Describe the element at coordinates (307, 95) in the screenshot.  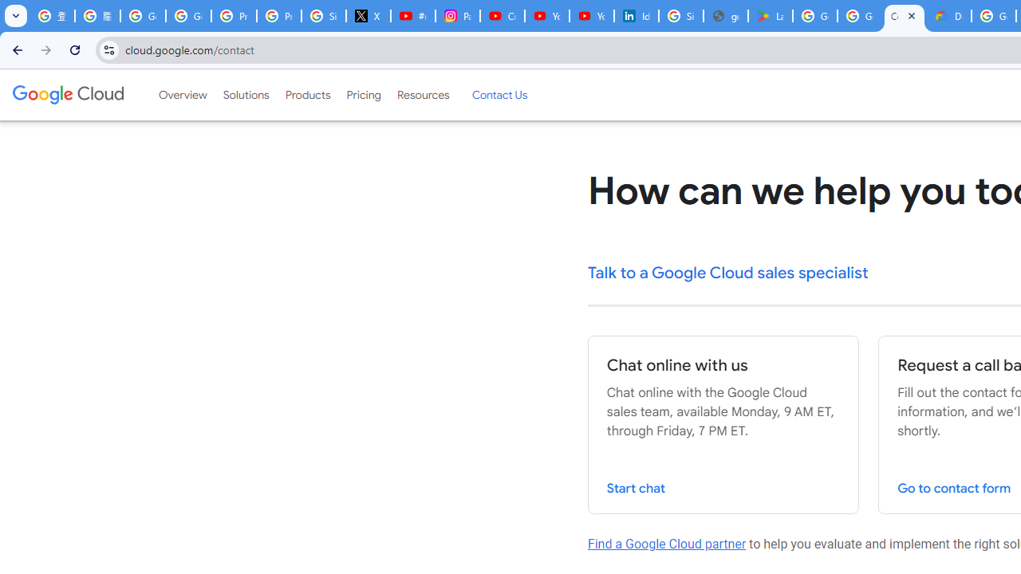
I see `'Products'` at that location.